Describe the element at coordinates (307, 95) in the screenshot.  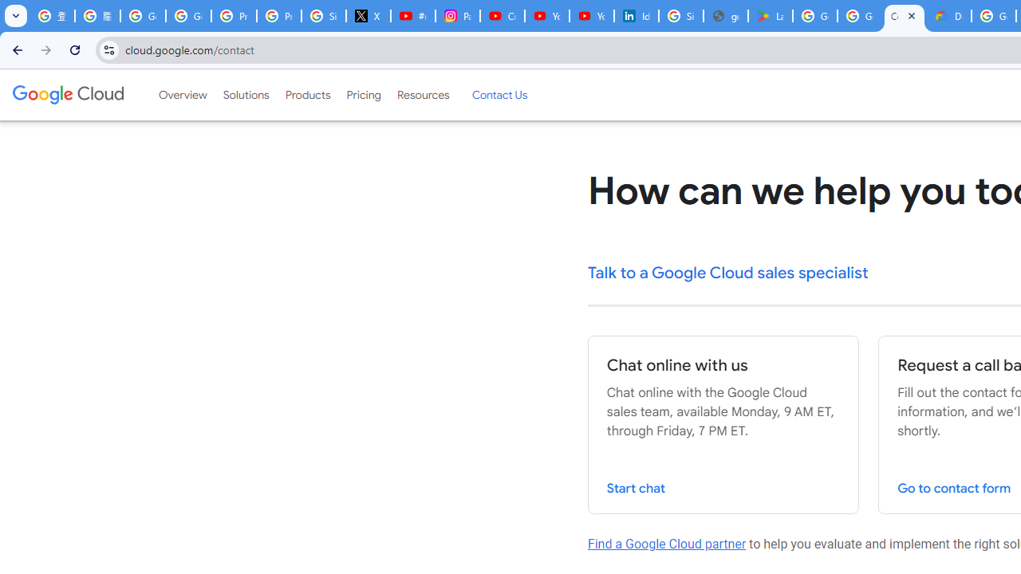
I see `'Products'` at that location.